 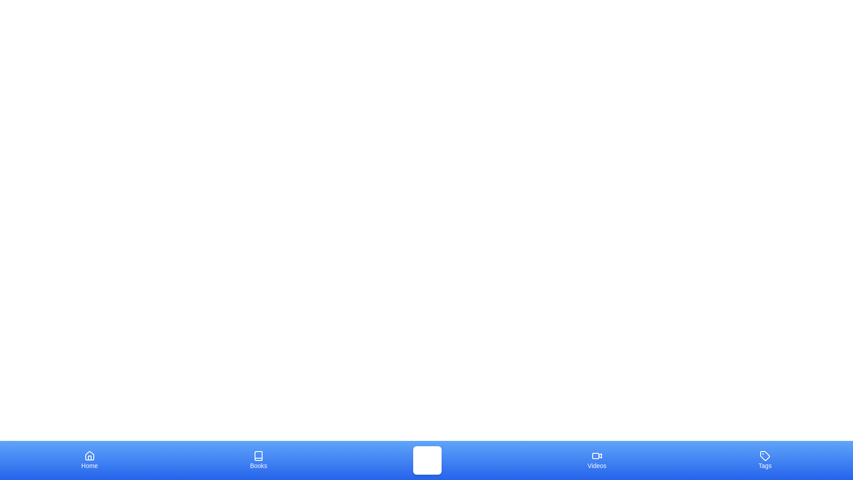 What do you see at coordinates (597, 460) in the screenshot?
I see `the tab labeled Videos` at bounding box center [597, 460].